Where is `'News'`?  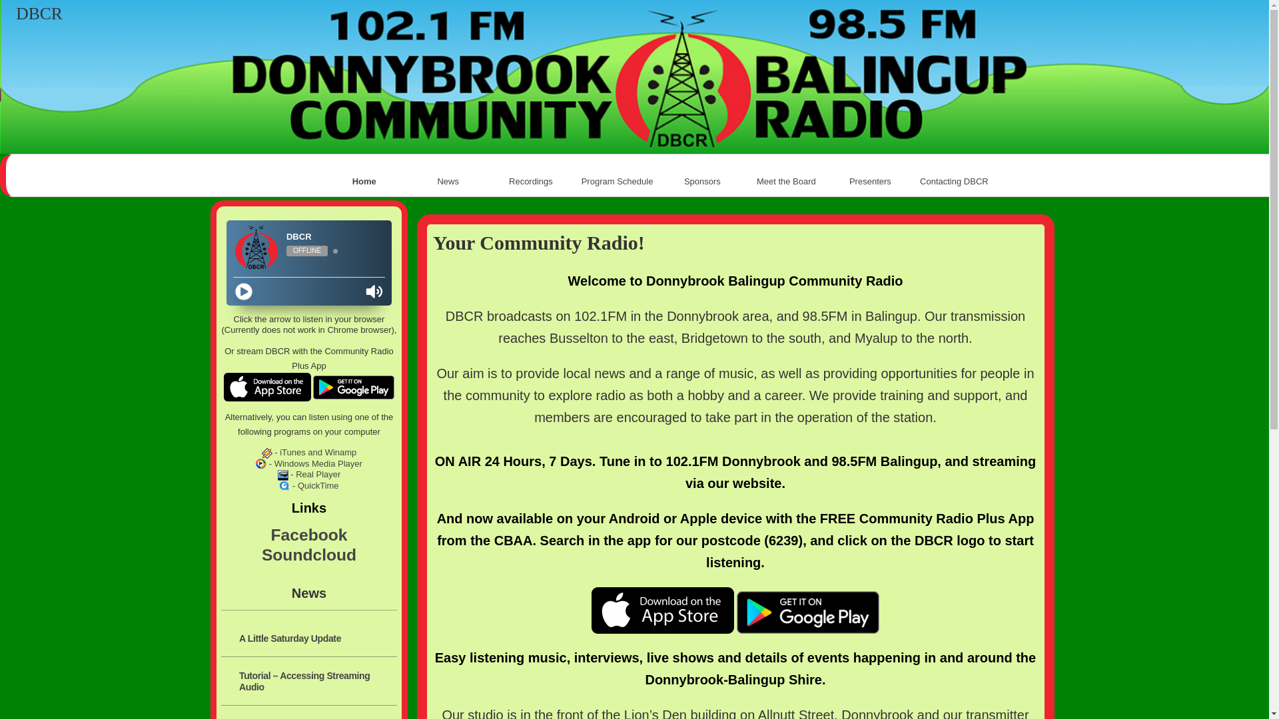
'News' is located at coordinates (448, 182).